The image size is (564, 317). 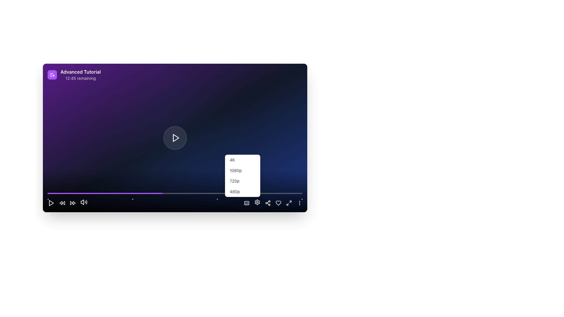 I want to click on the second option labeled '720p' in the dropdown menu located in the player interface, which has a white background and rounded corners, so click(x=242, y=175).